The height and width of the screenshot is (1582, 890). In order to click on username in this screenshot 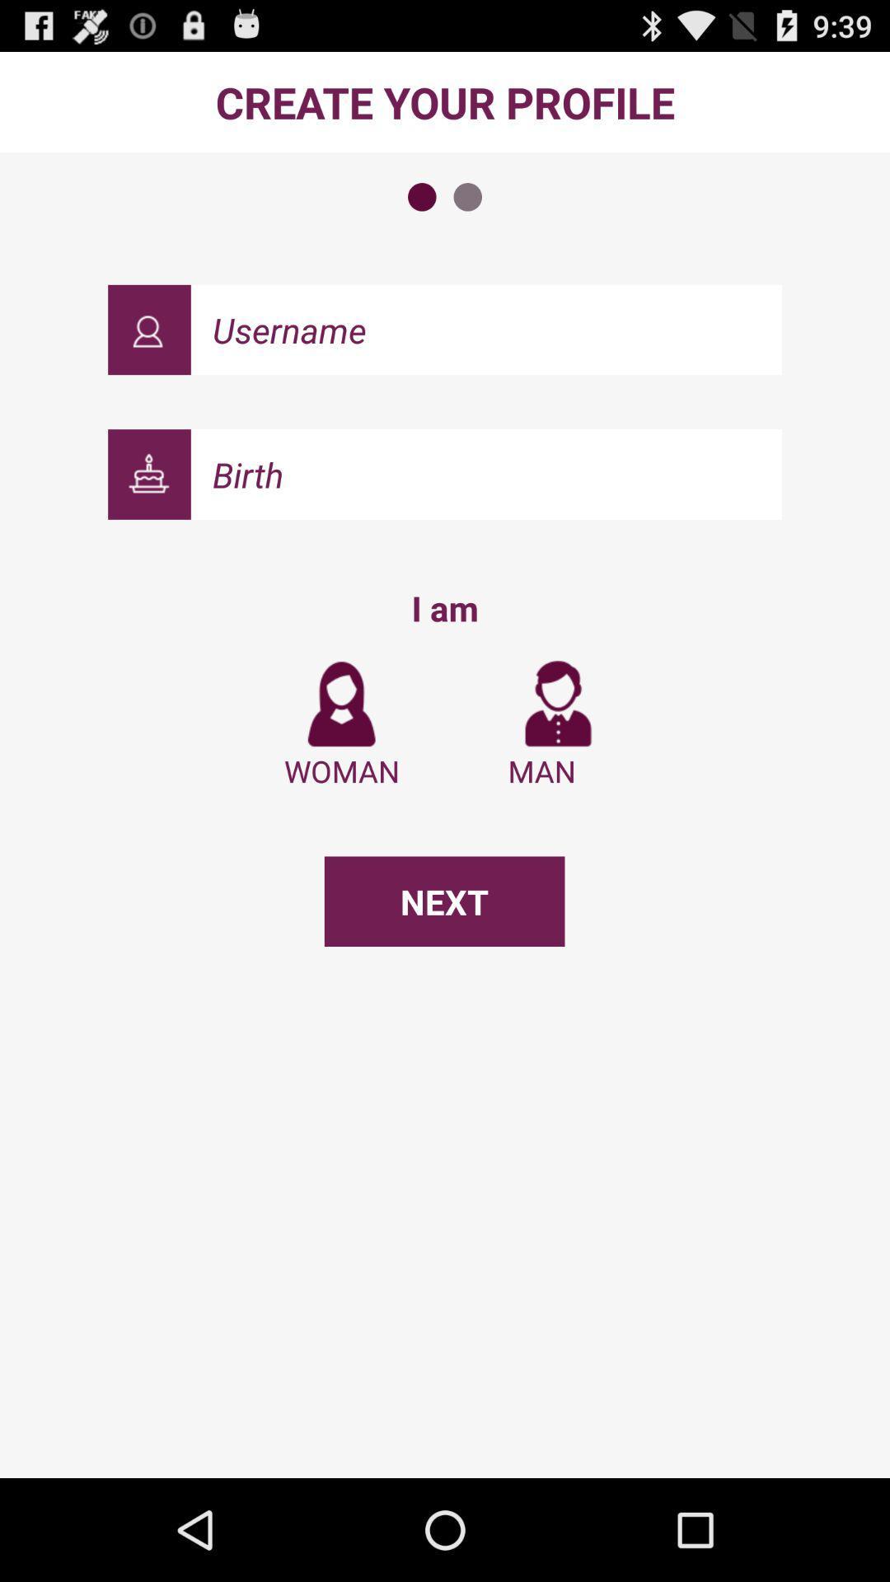, I will do `click(485, 330)`.